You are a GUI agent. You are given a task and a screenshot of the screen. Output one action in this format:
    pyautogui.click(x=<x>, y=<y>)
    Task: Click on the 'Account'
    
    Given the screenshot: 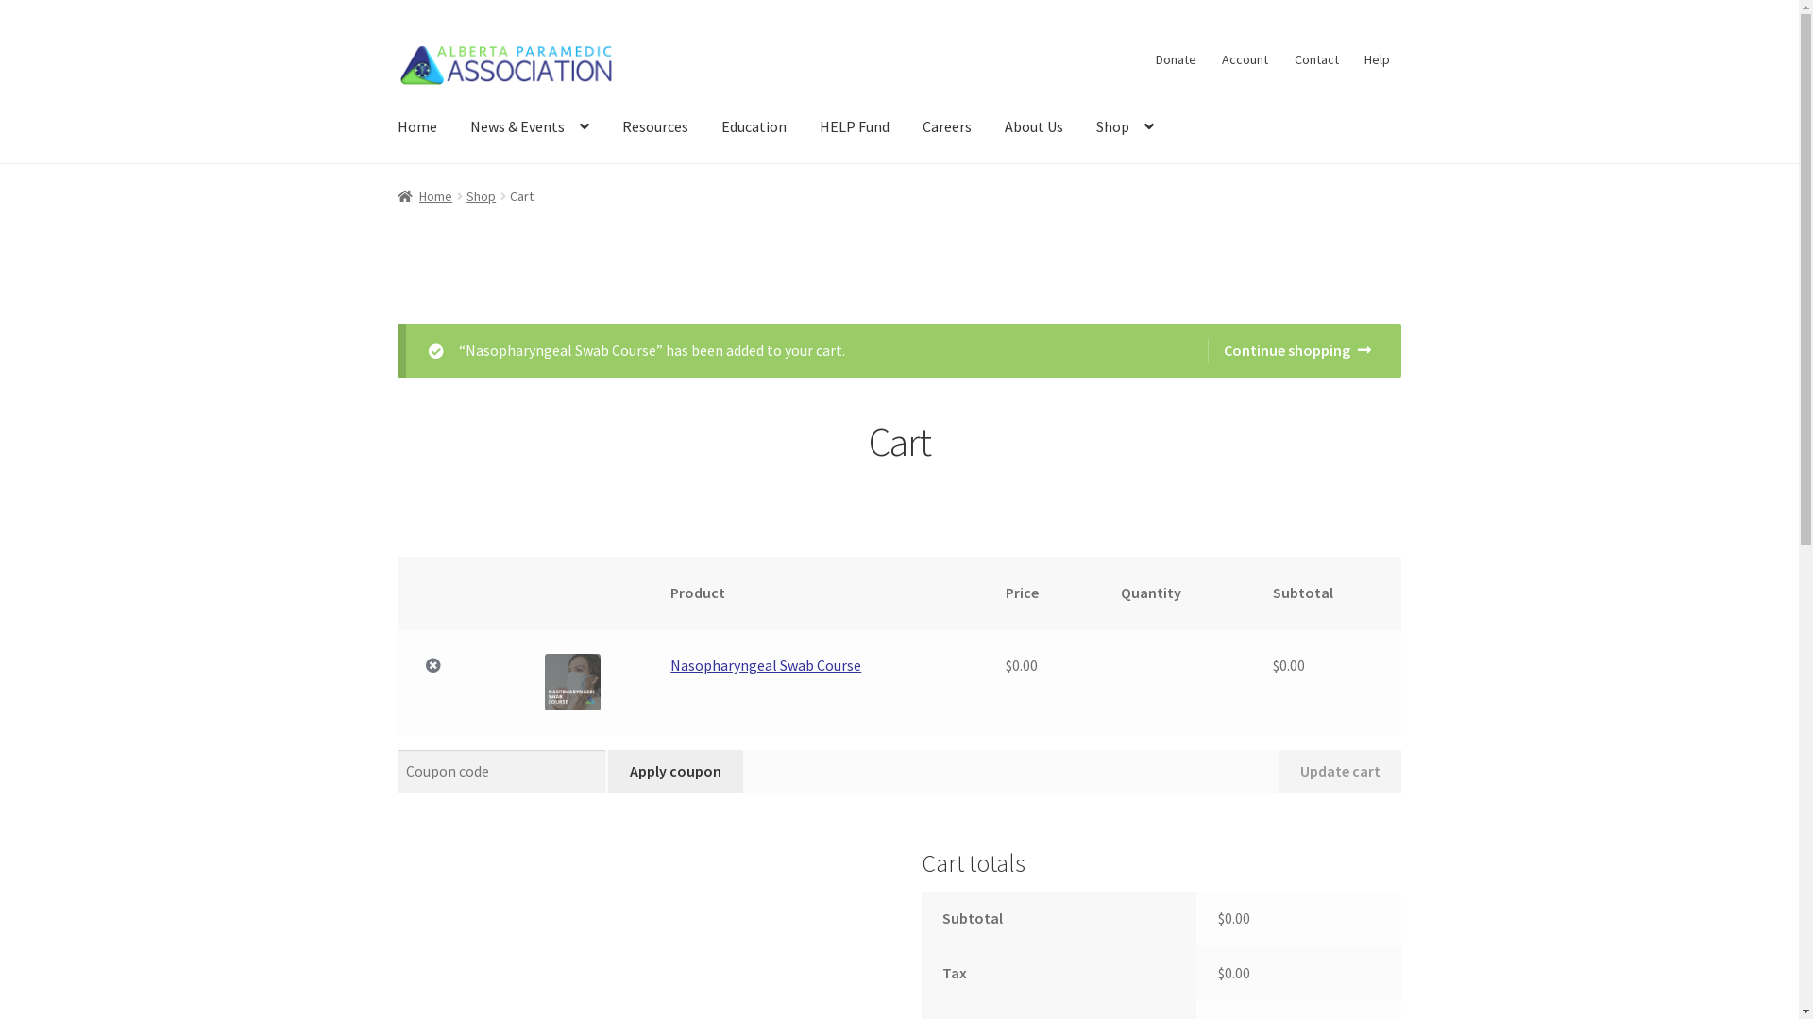 What is the action you would take?
    pyautogui.click(x=1245, y=58)
    